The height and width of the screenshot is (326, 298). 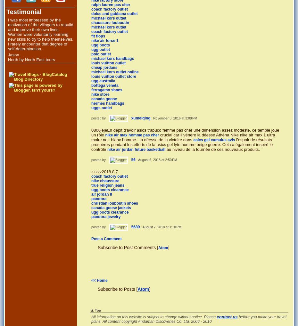 I want to click on 'All information on this website is subject to change without notice. Please', so click(x=91, y=317).